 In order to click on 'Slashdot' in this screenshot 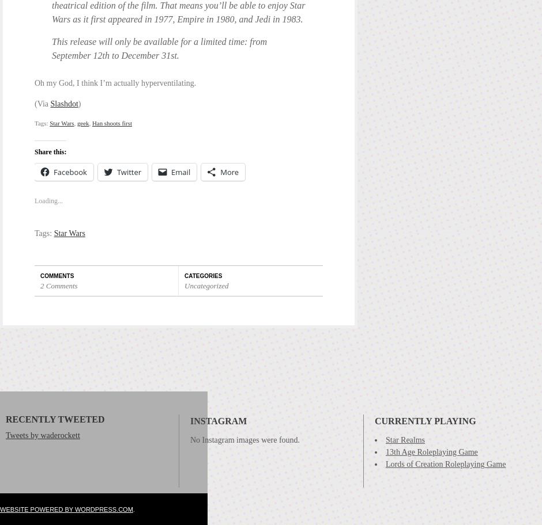, I will do `click(50, 103)`.